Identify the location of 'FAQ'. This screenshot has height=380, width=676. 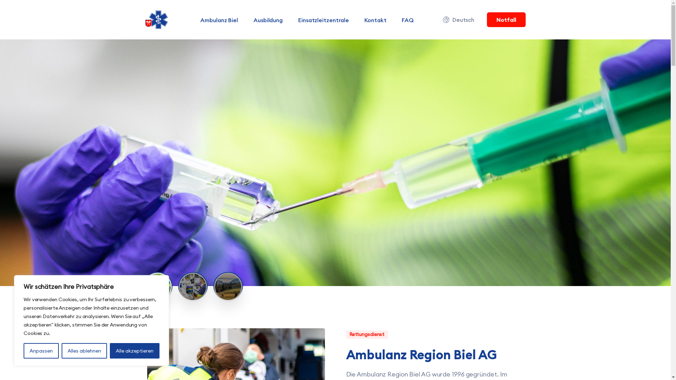
(407, 19).